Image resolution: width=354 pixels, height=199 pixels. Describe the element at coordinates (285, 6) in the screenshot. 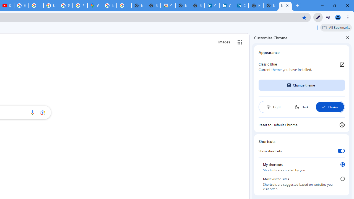

I see `'New Tab'` at that location.